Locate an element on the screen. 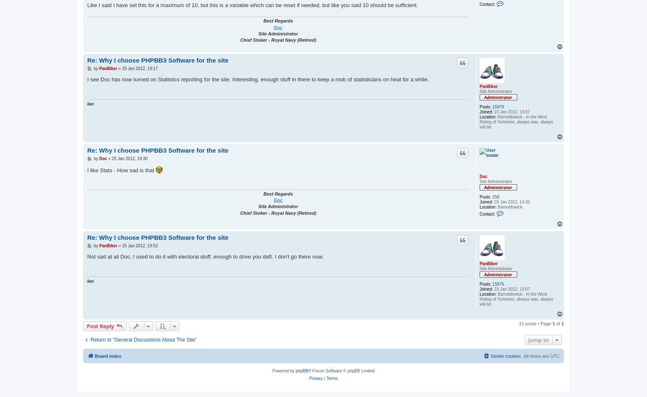 Image resolution: width=647 pixels, height=397 pixels. 'Return to “General Discussions About The Site”' is located at coordinates (143, 339).